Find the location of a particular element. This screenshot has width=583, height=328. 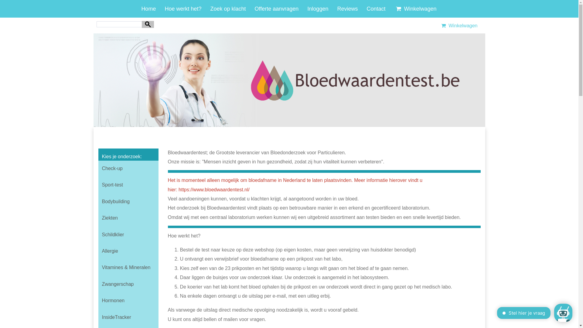

'trengo-widget-status' is located at coordinates (509, 313).